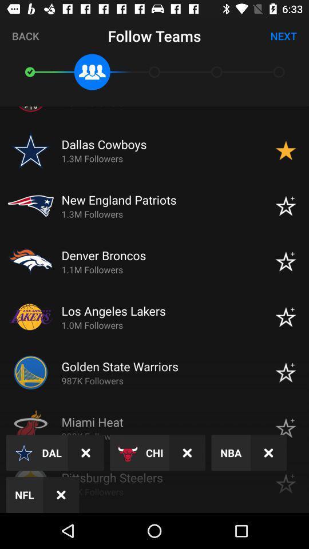 The width and height of the screenshot is (309, 549). What do you see at coordinates (285, 150) in the screenshot?
I see `the star symbol which is on the right of dallas cowboys` at bounding box center [285, 150].